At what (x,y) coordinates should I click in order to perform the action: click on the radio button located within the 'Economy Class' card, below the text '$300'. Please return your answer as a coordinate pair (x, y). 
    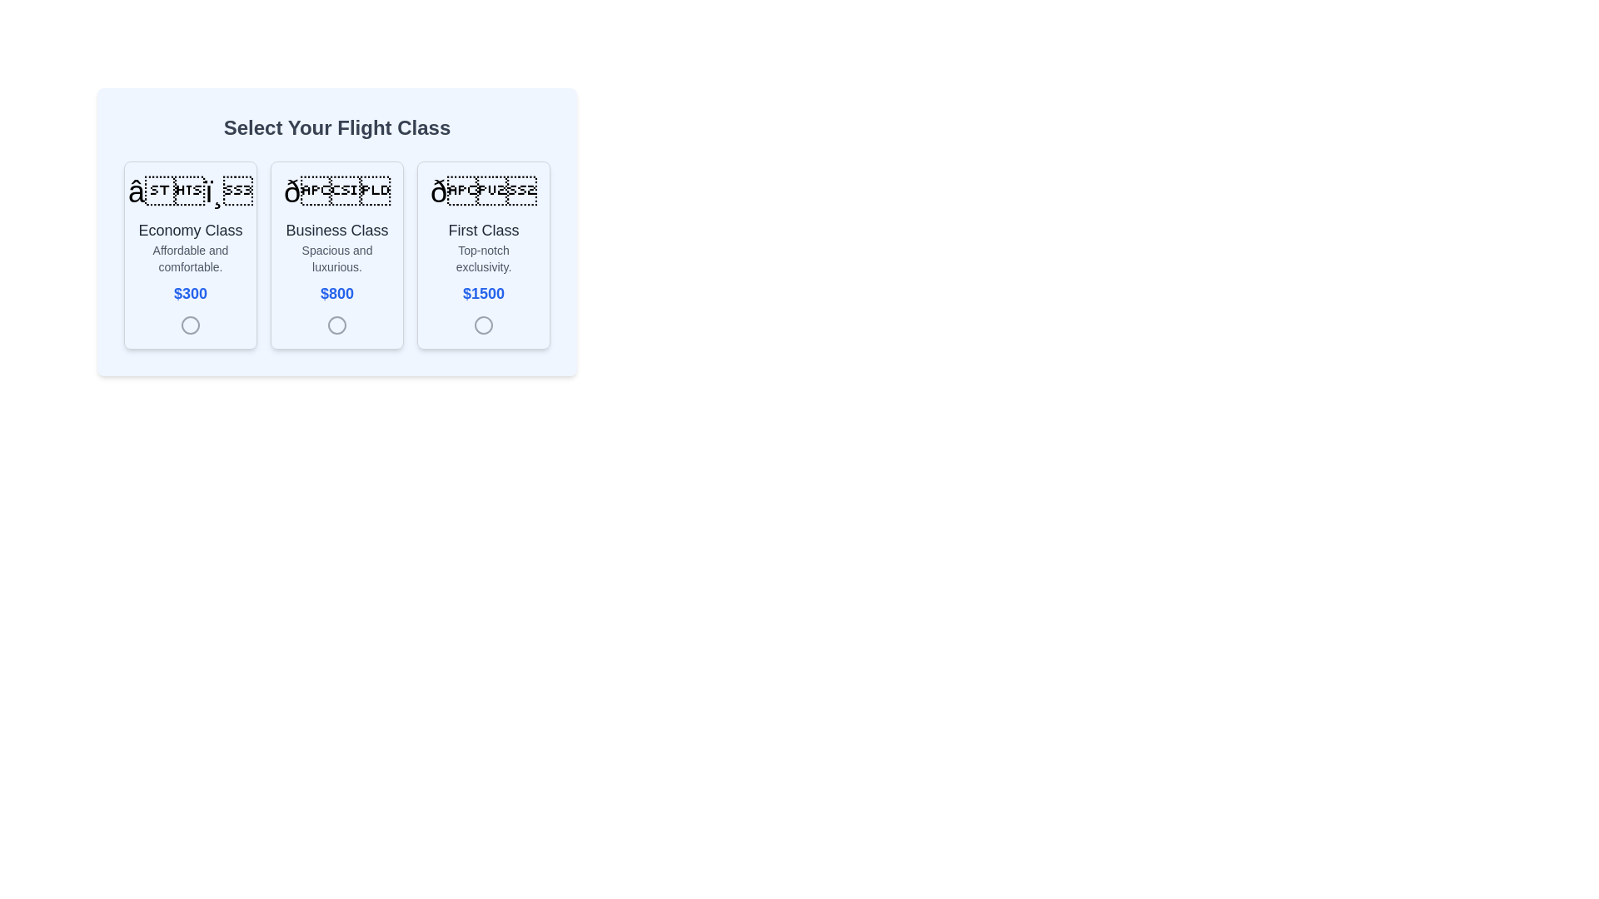
    Looking at the image, I should click on (191, 325).